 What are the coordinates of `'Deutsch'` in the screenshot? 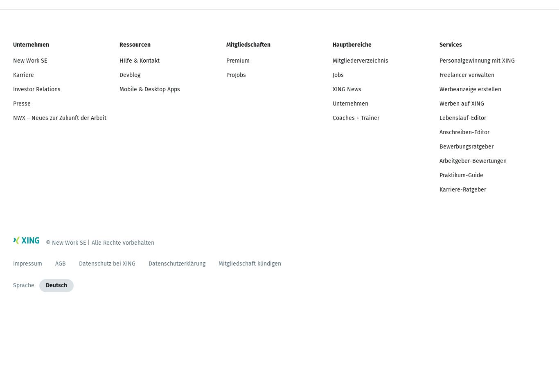 It's located at (56, 285).